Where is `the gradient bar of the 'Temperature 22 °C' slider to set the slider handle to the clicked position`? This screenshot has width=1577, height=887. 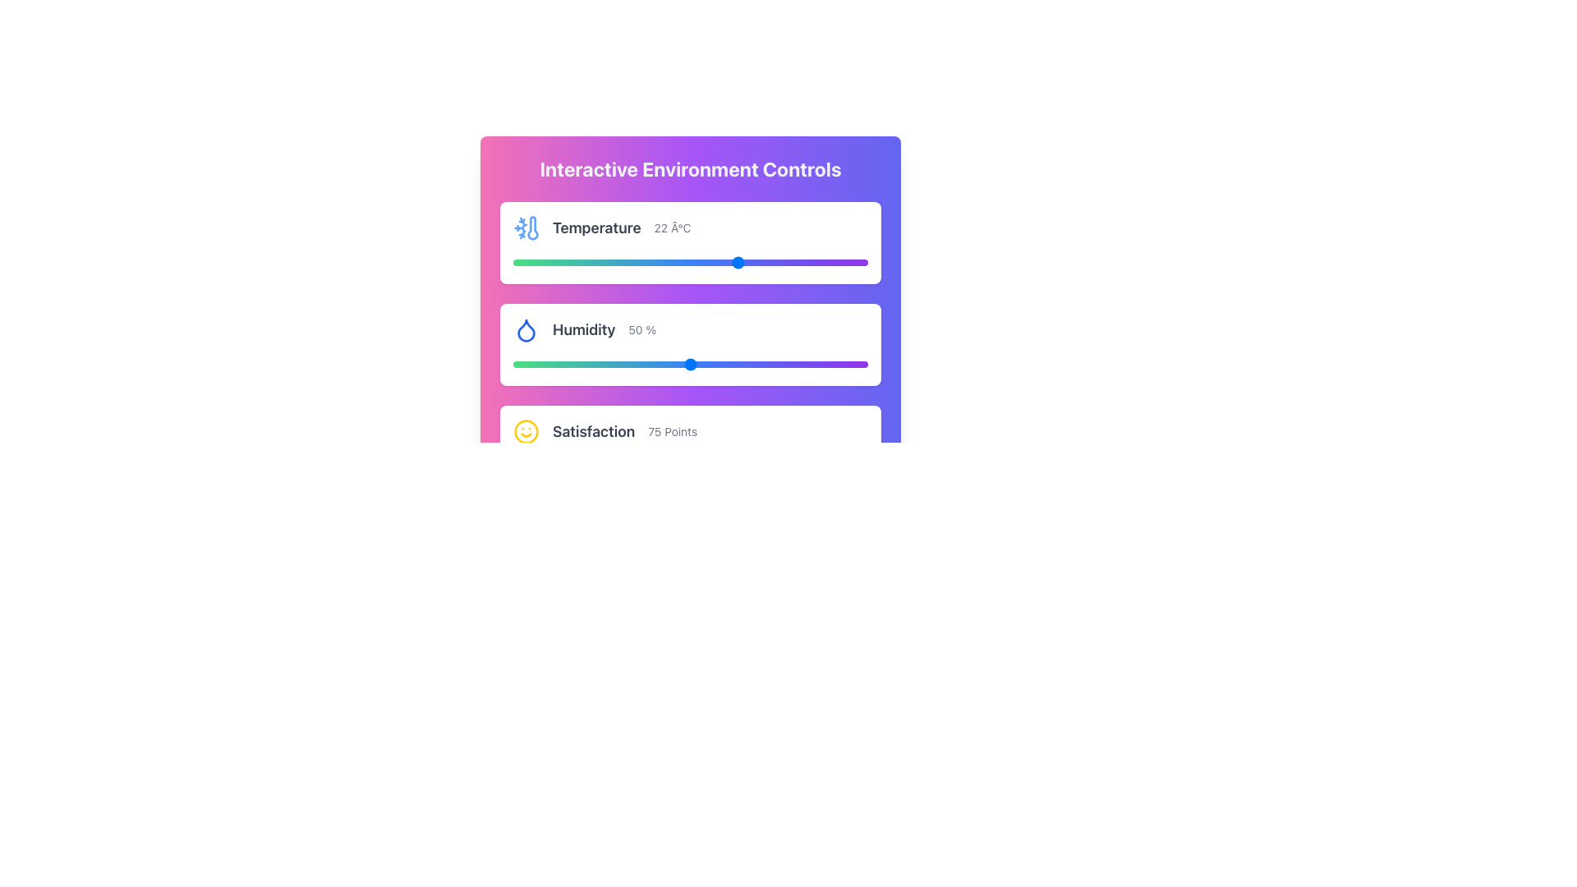
the gradient bar of the 'Temperature 22 °C' slider to set the slider handle to the clicked position is located at coordinates (690, 262).